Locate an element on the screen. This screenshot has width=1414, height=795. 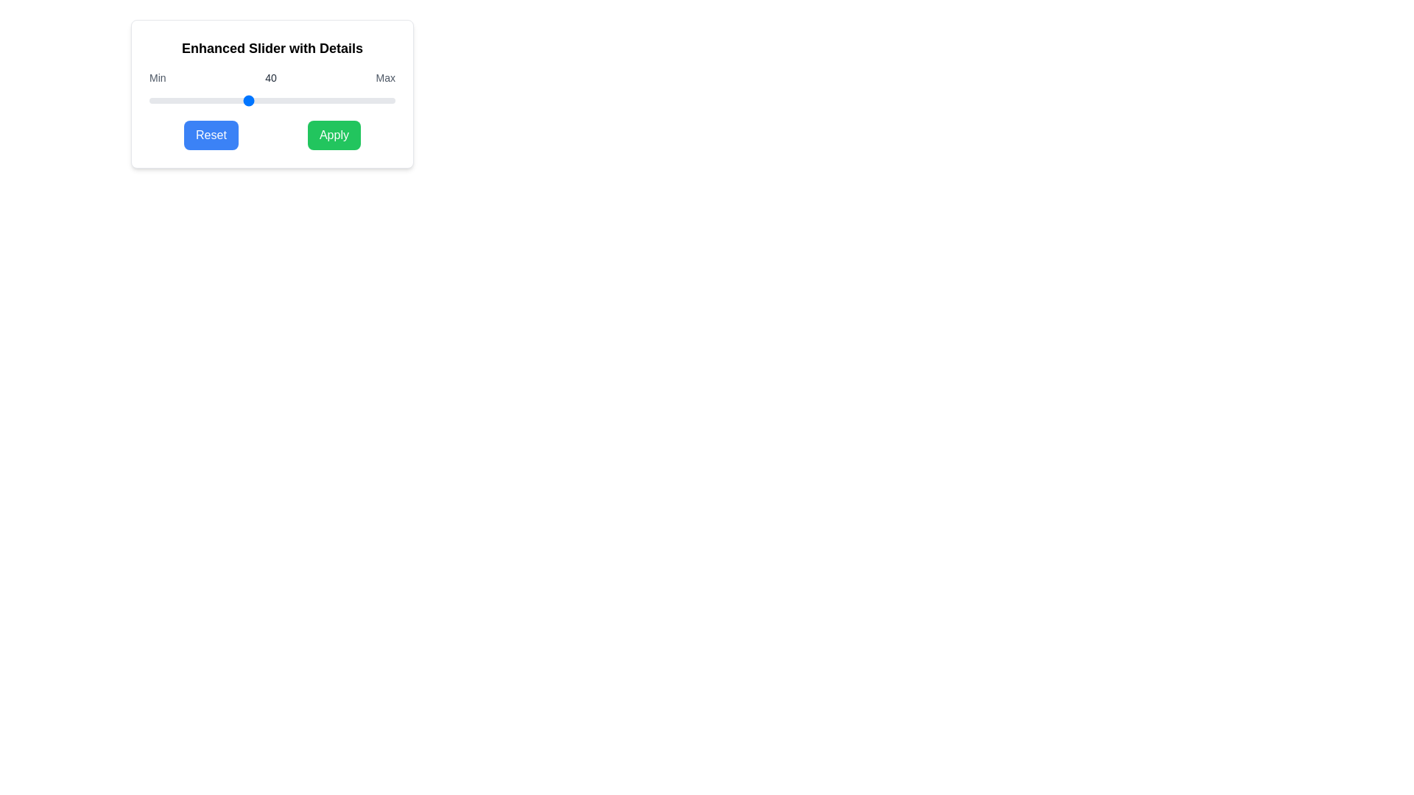
the slider is located at coordinates (227, 100).